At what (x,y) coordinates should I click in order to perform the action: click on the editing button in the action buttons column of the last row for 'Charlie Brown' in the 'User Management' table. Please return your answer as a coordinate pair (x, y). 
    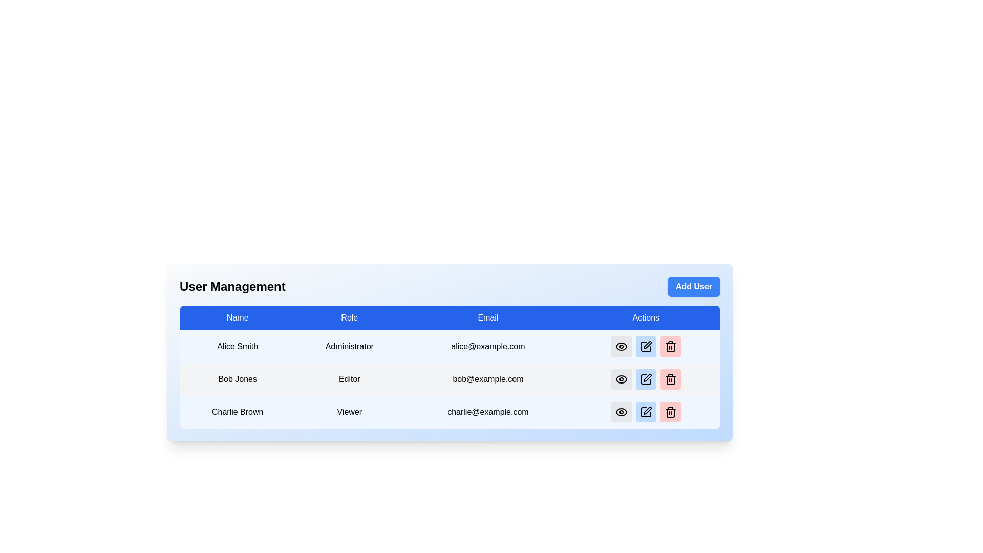
    Looking at the image, I should click on (645, 412).